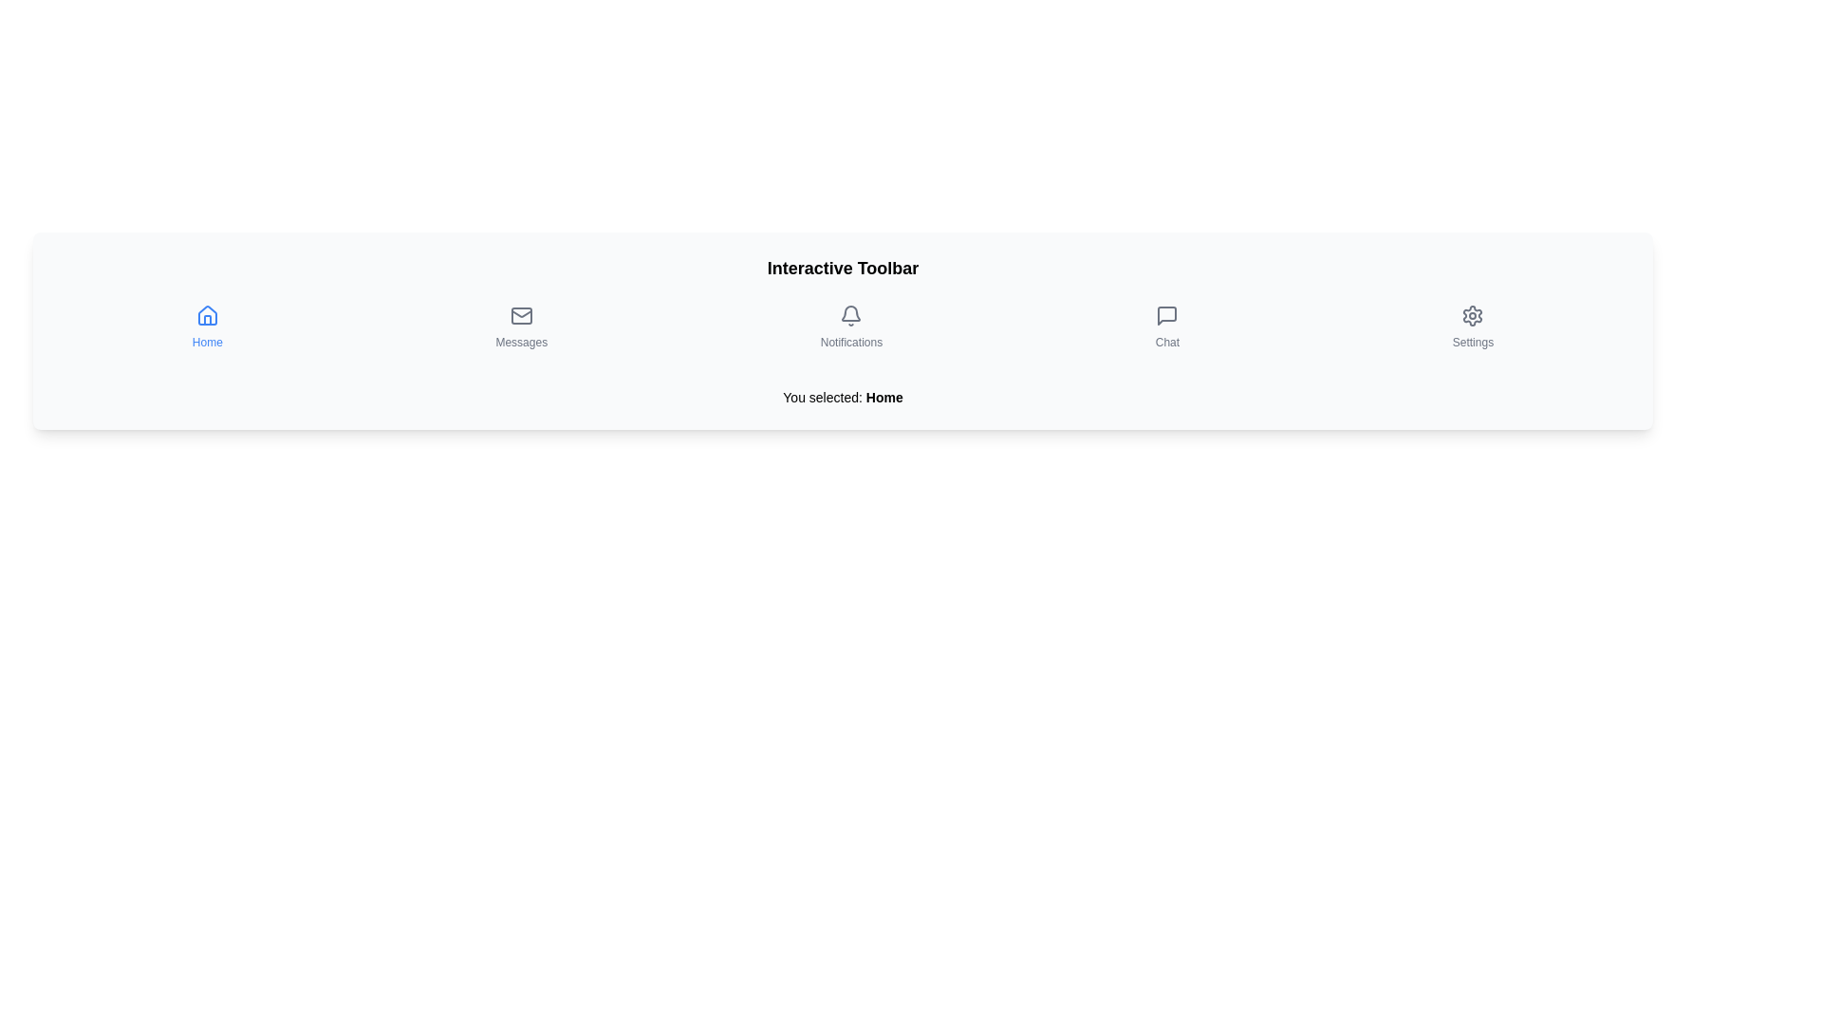 The image size is (1822, 1025). Describe the element at coordinates (850, 326) in the screenshot. I see `the notification icon button, which is a bell icon above the label 'Notifications' in a rounded rectangle segment located in the toolbar` at that location.